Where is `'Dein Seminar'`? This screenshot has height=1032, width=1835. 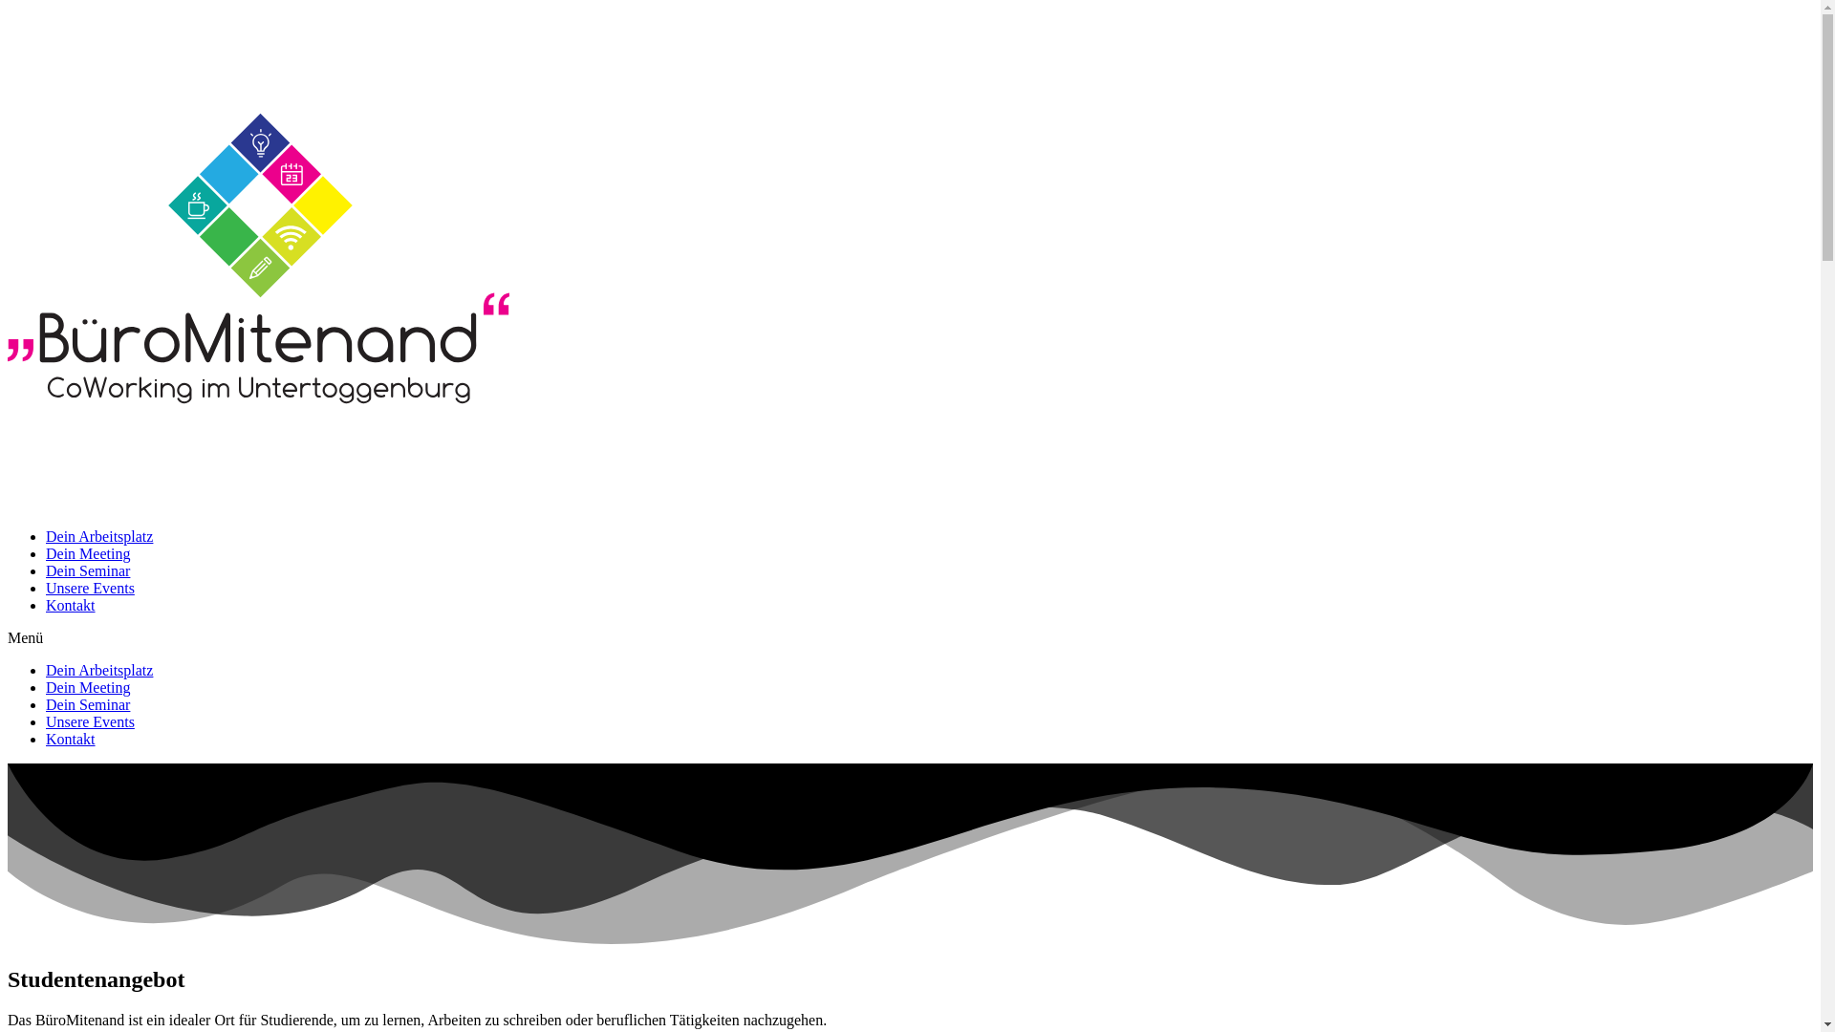
'Dein Seminar' is located at coordinates (46, 704).